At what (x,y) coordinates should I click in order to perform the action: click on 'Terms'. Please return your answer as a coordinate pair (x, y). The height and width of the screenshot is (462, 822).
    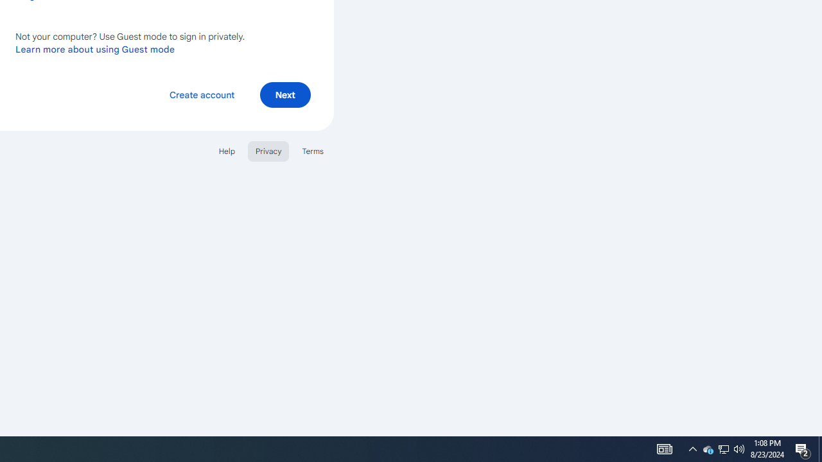
    Looking at the image, I should click on (313, 150).